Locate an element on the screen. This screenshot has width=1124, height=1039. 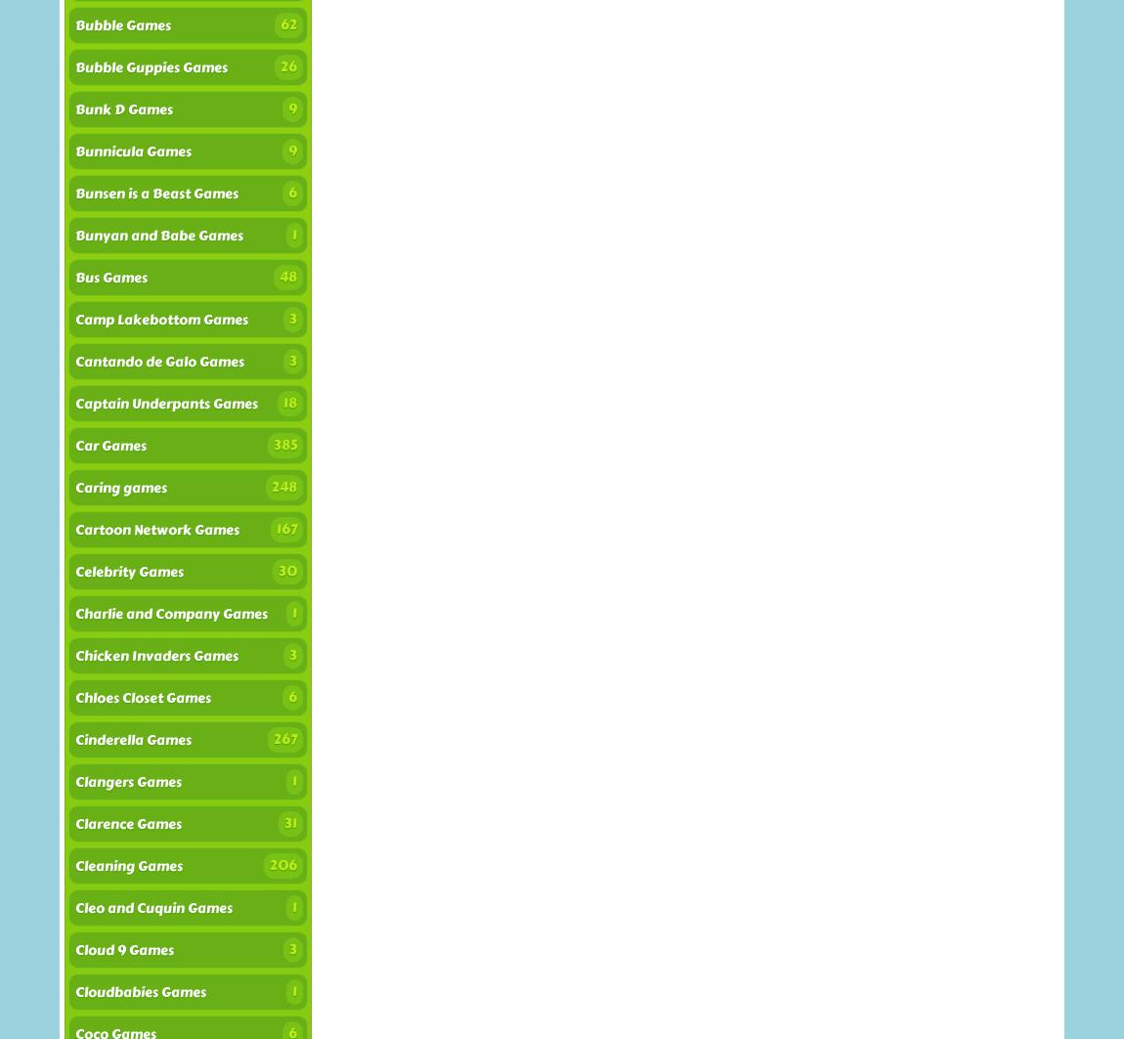
'Chloes Closet Games' is located at coordinates (142, 697).